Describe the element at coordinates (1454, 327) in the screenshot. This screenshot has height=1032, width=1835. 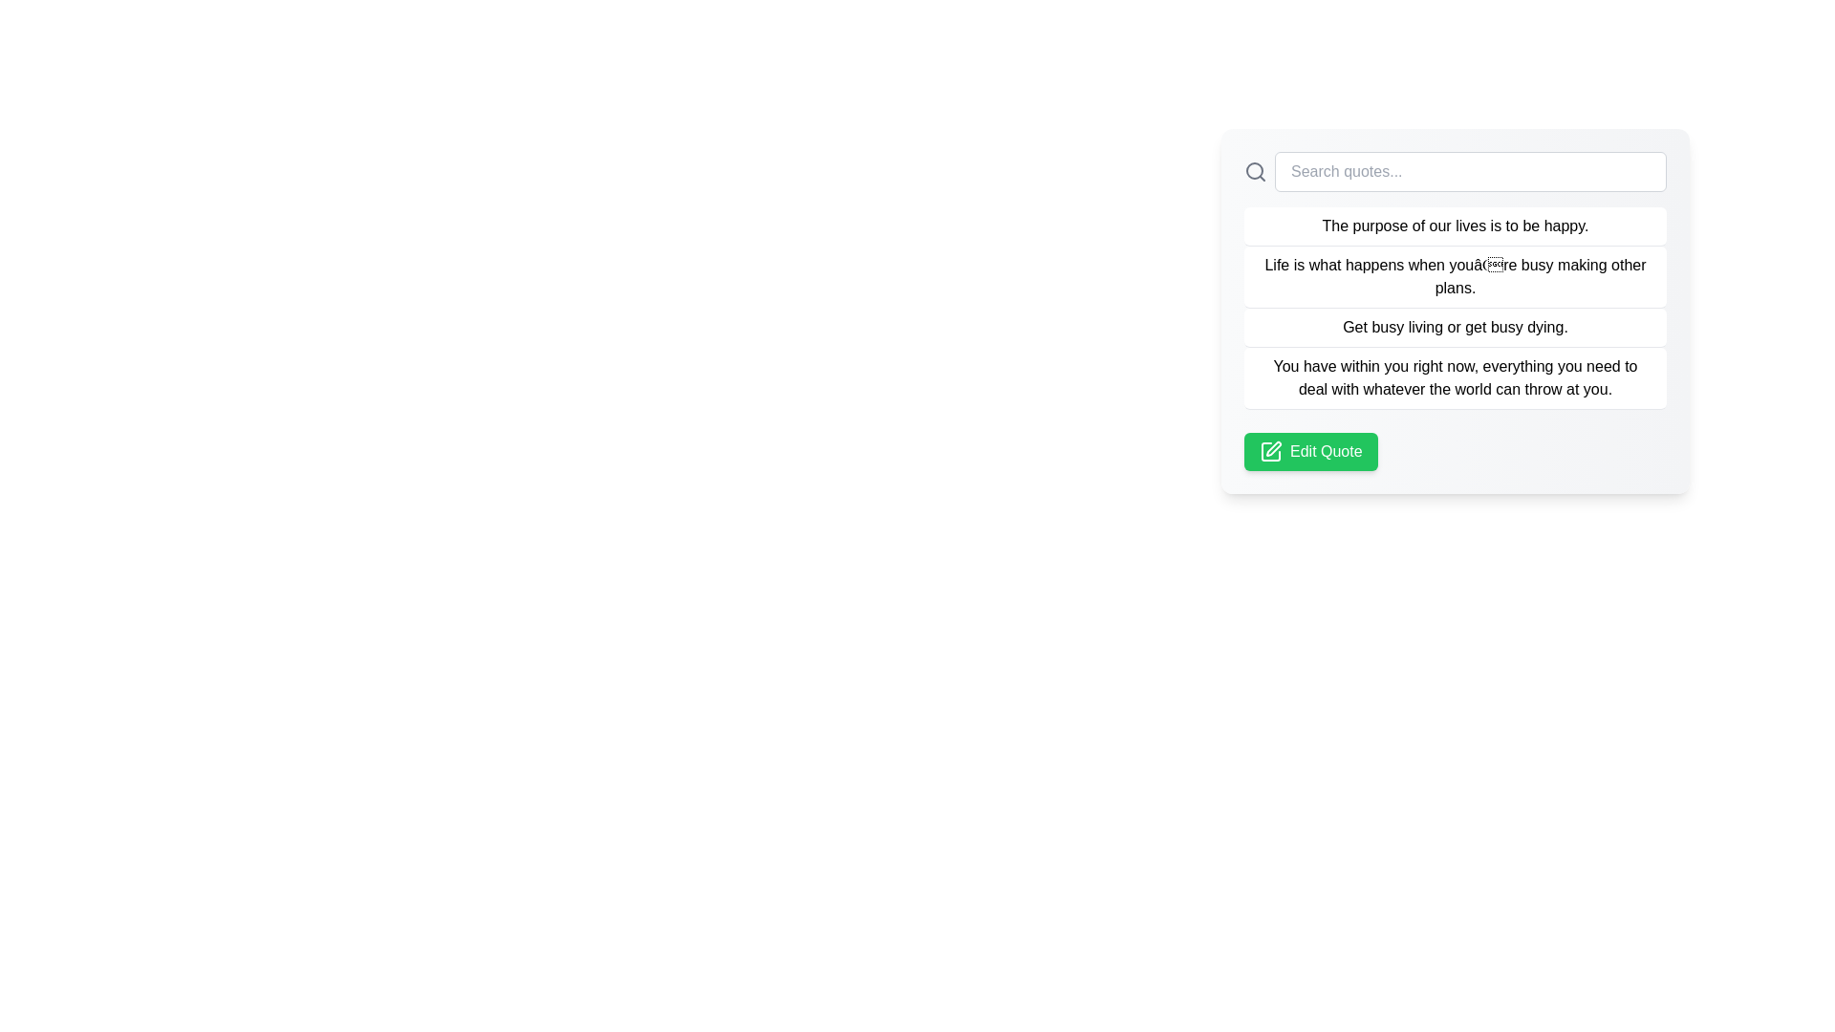
I see `the static text block that reads 'Get busy living or get busy dying.' which is the third line in the list of quotes` at that location.